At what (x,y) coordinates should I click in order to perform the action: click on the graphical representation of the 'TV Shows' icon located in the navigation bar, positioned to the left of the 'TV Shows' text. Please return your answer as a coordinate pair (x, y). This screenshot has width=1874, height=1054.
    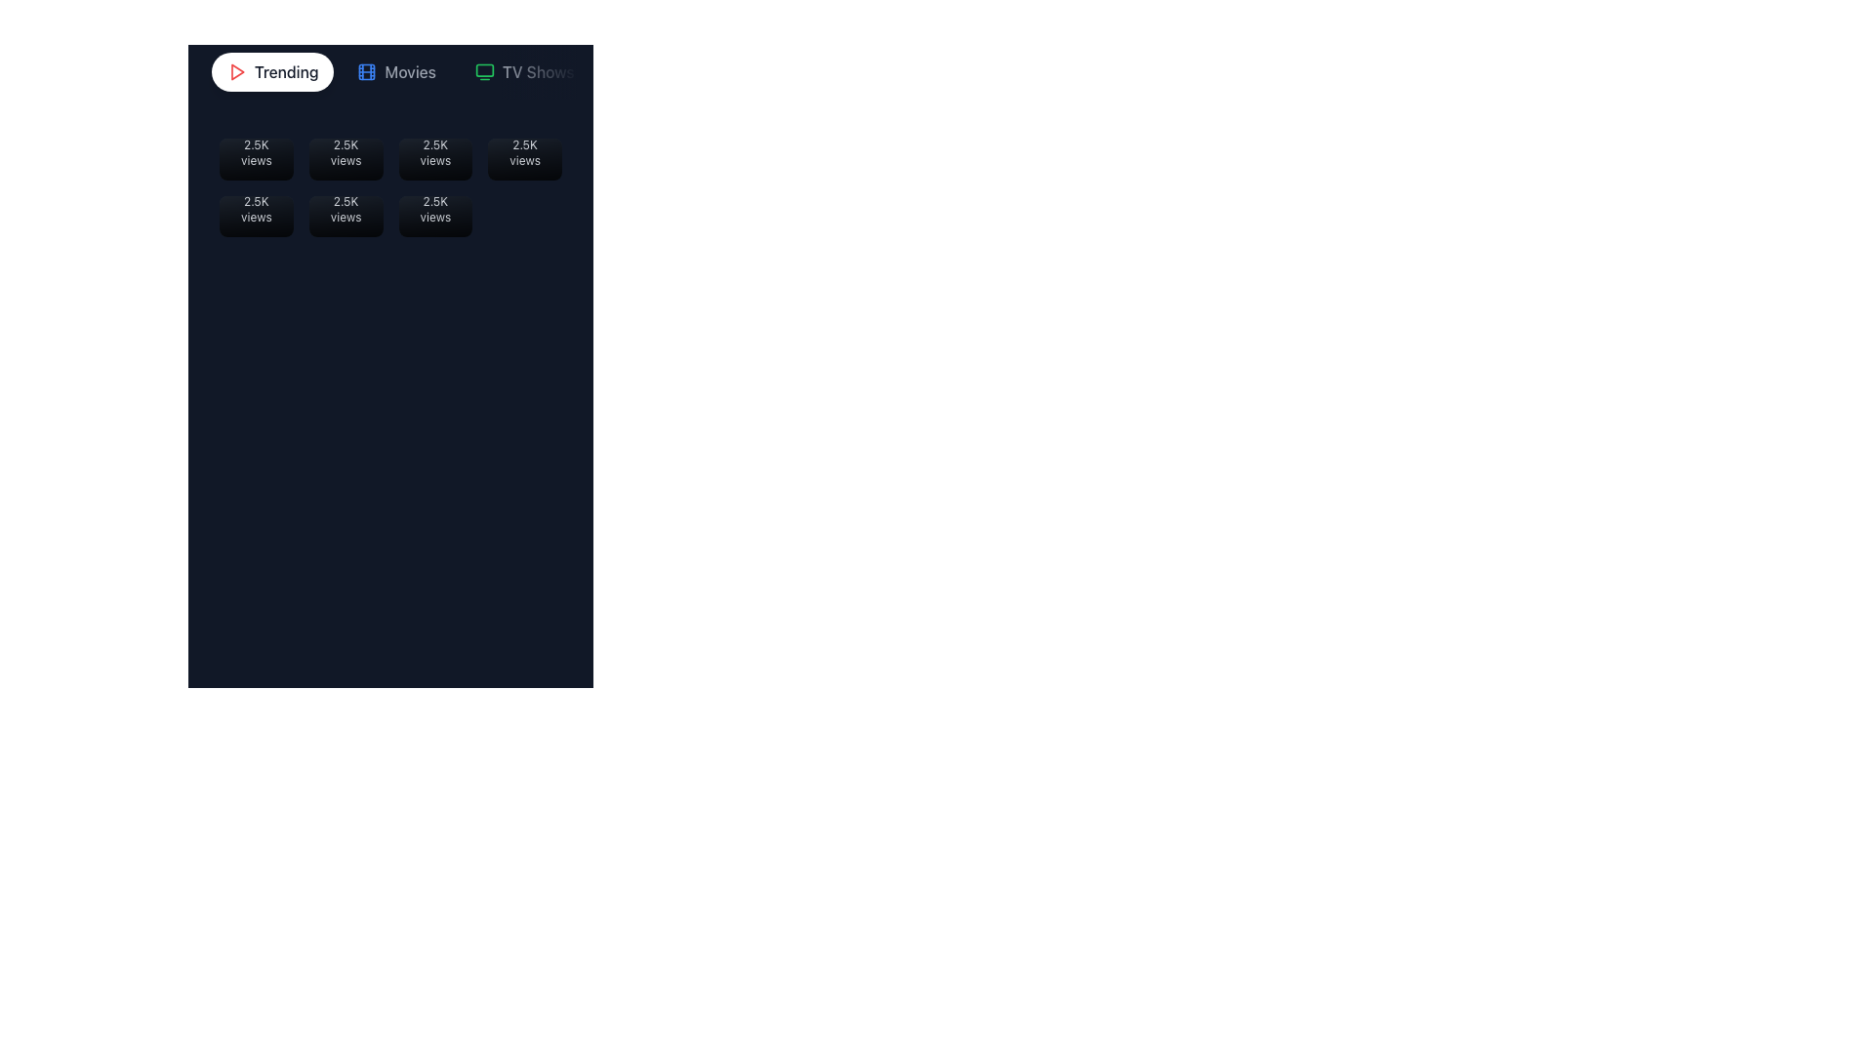
    Looking at the image, I should click on (484, 70).